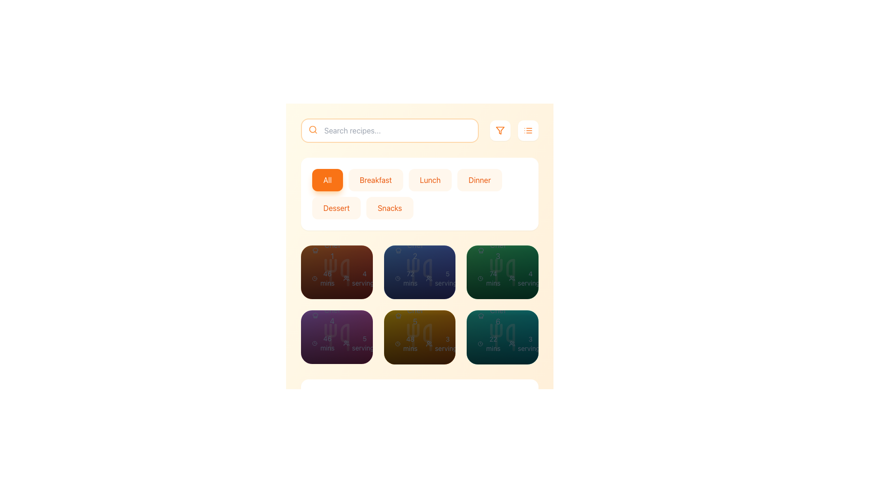 The image size is (896, 504). What do you see at coordinates (480, 278) in the screenshot?
I see `the circular outline element representing the clock's border in the green card located in the third row and third column of the grid layout` at bounding box center [480, 278].